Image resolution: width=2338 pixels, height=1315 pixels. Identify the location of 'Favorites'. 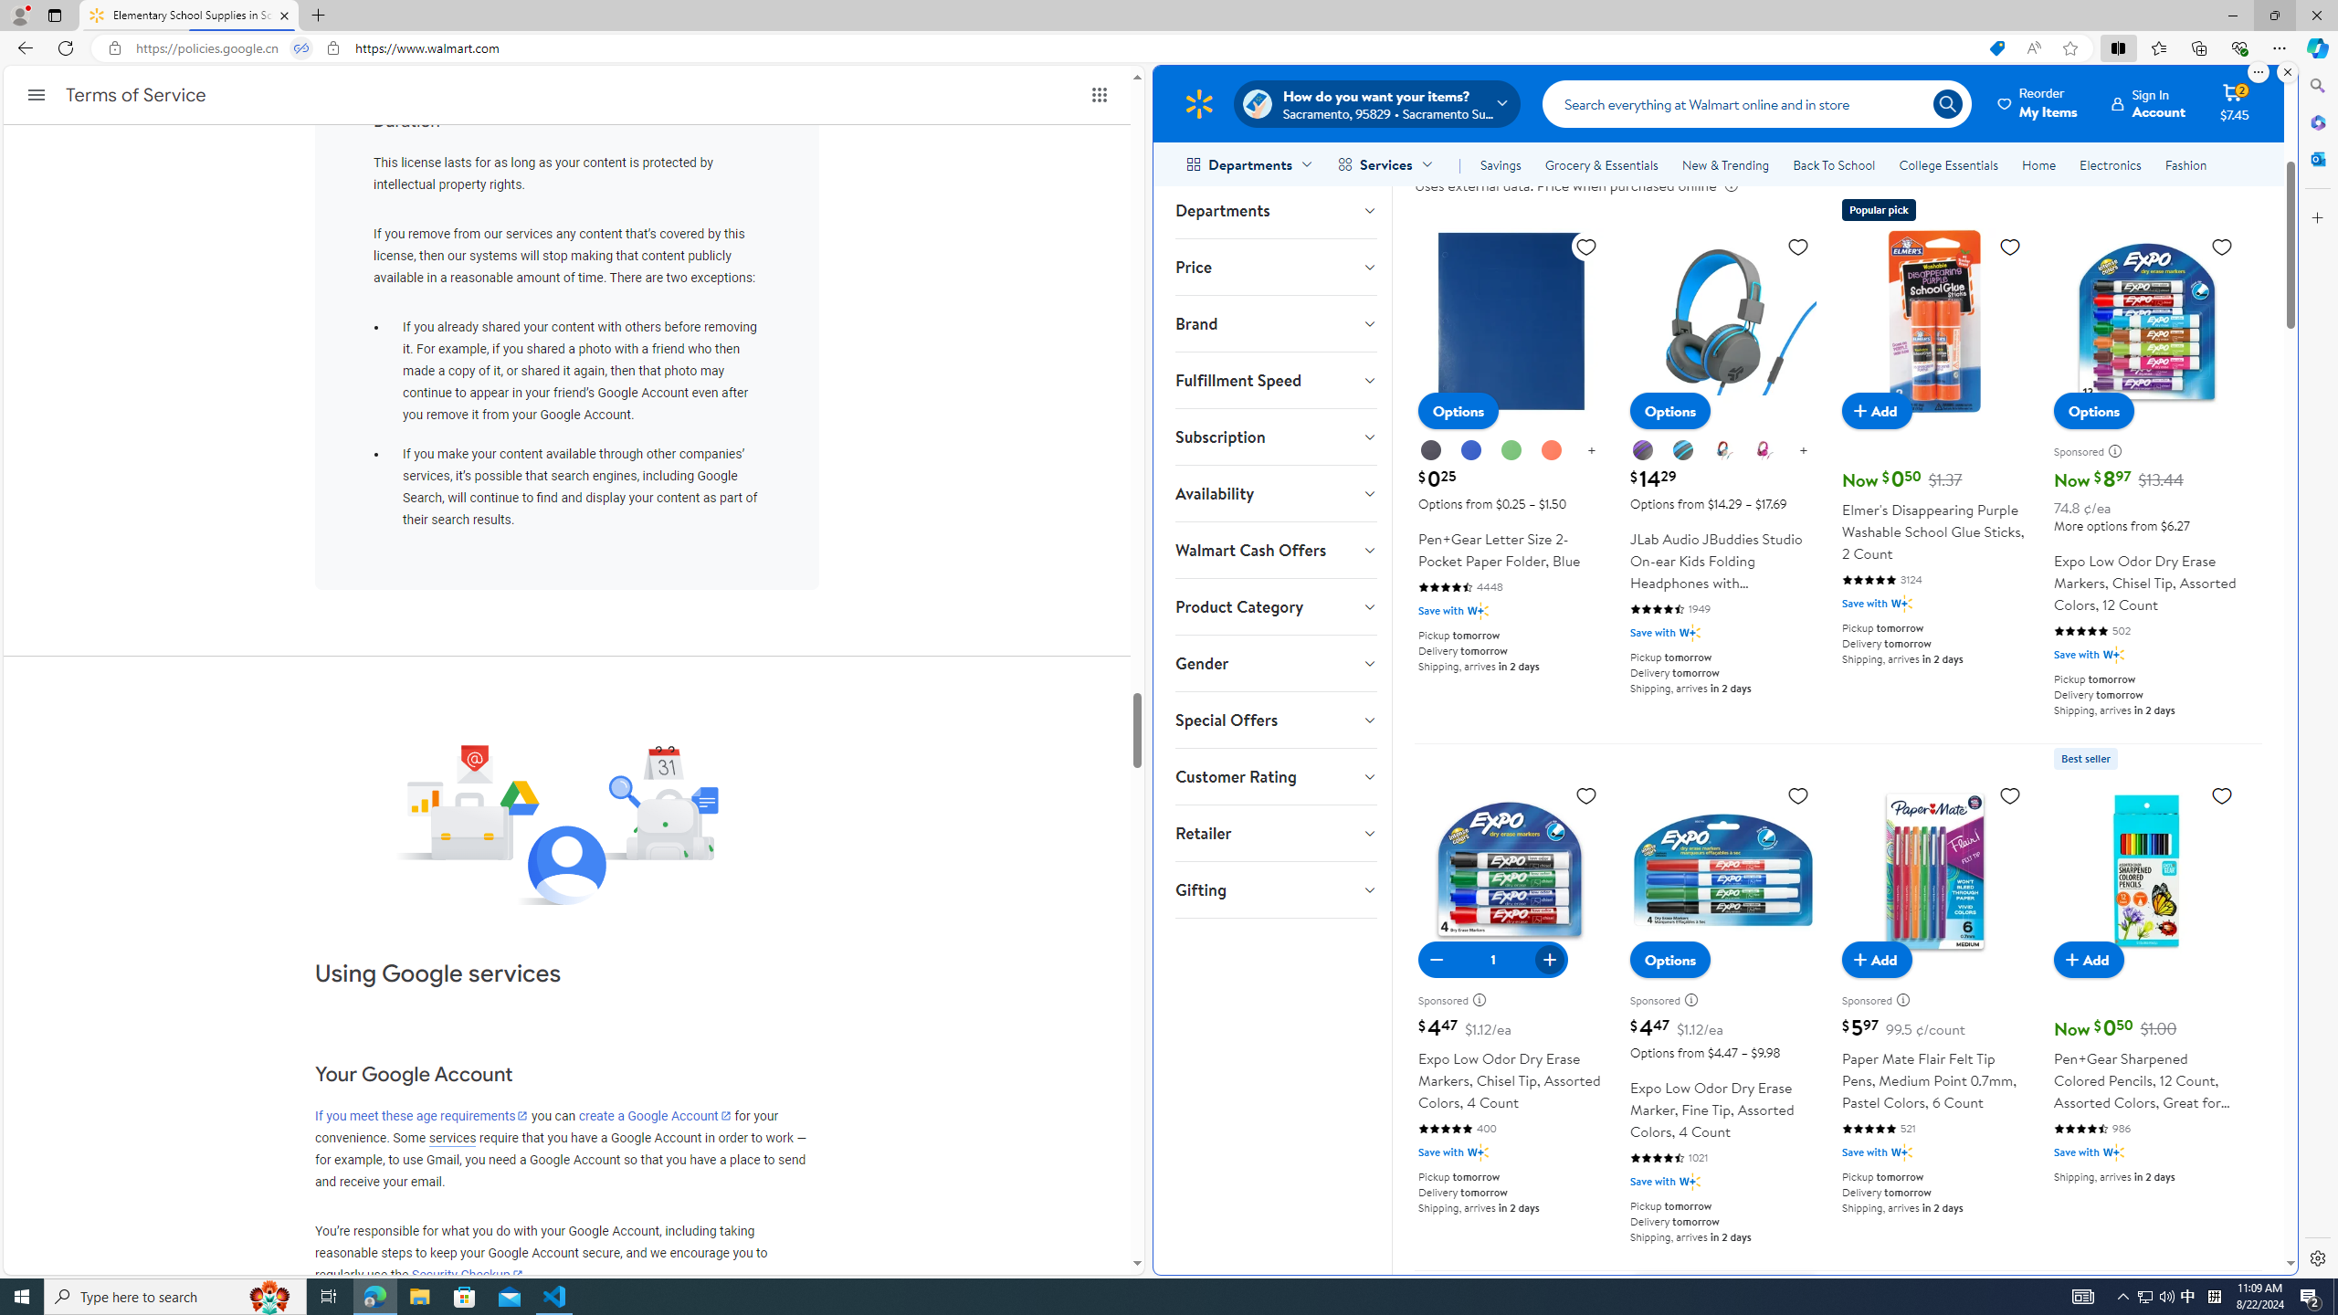
(2159, 47).